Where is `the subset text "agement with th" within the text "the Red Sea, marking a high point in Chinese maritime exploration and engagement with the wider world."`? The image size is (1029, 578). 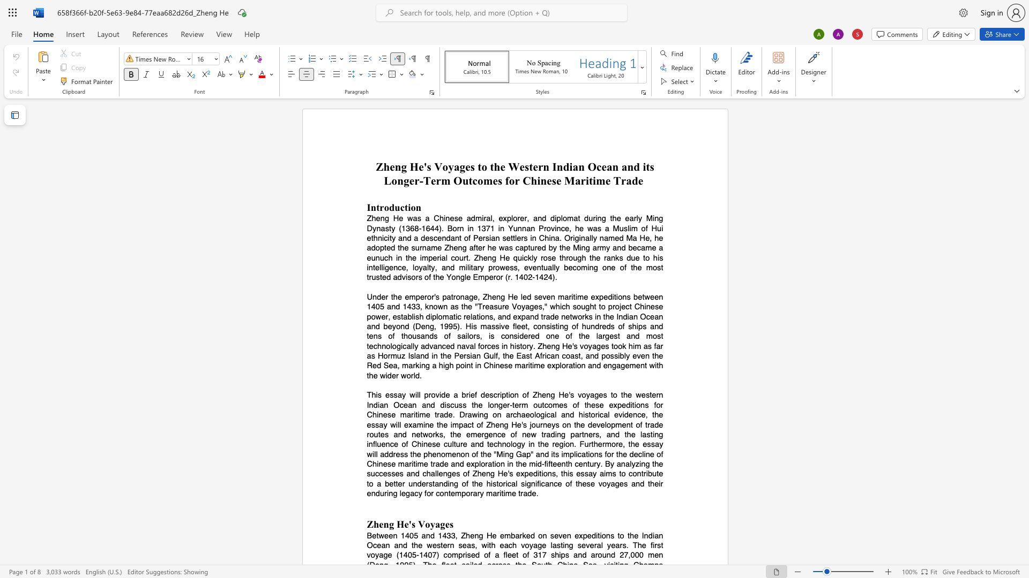 the subset text "agement with th" within the text "the Red Sea, marking a high point in Chinese maritime exploration and engagement with the wider world." is located at coordinates (616, 365).